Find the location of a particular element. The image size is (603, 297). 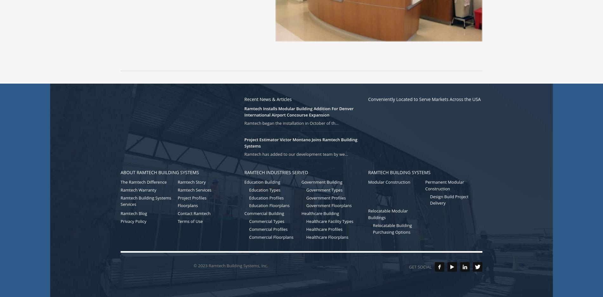

'Terms of Use' is located at coordinates (190, 221).